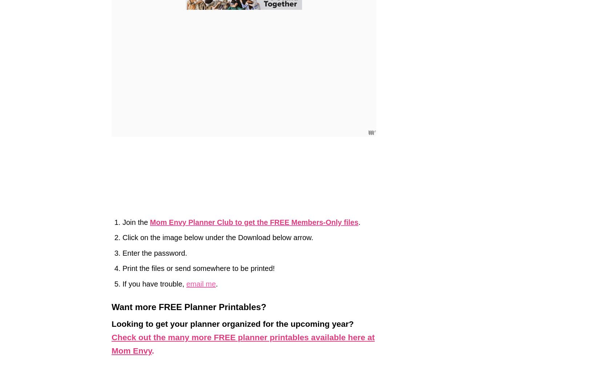 The image size is (615, 383). I want to click on 'email me', so click(186, 283).